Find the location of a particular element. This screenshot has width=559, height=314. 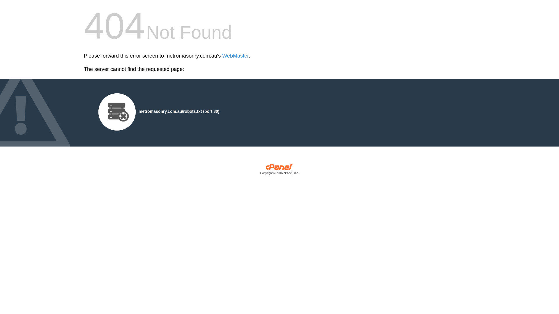

'WebMaster' is located at coordinates (235, 56).